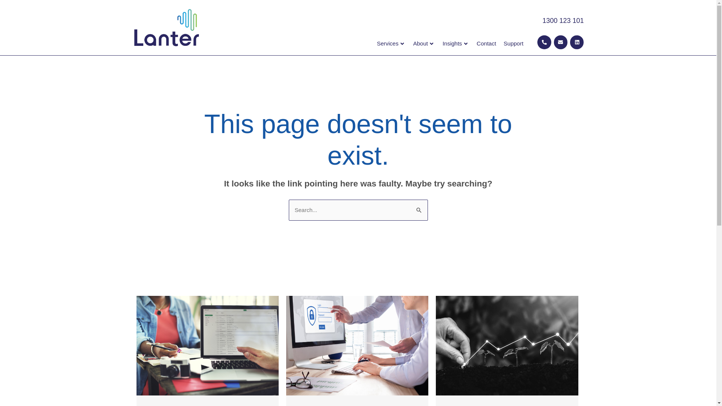 This screenshot has height=406, width=722. What do you see at coordinates (544, 42) in the screenshot?
I see `'Phone-alt'` at bounding box center [544, 42].